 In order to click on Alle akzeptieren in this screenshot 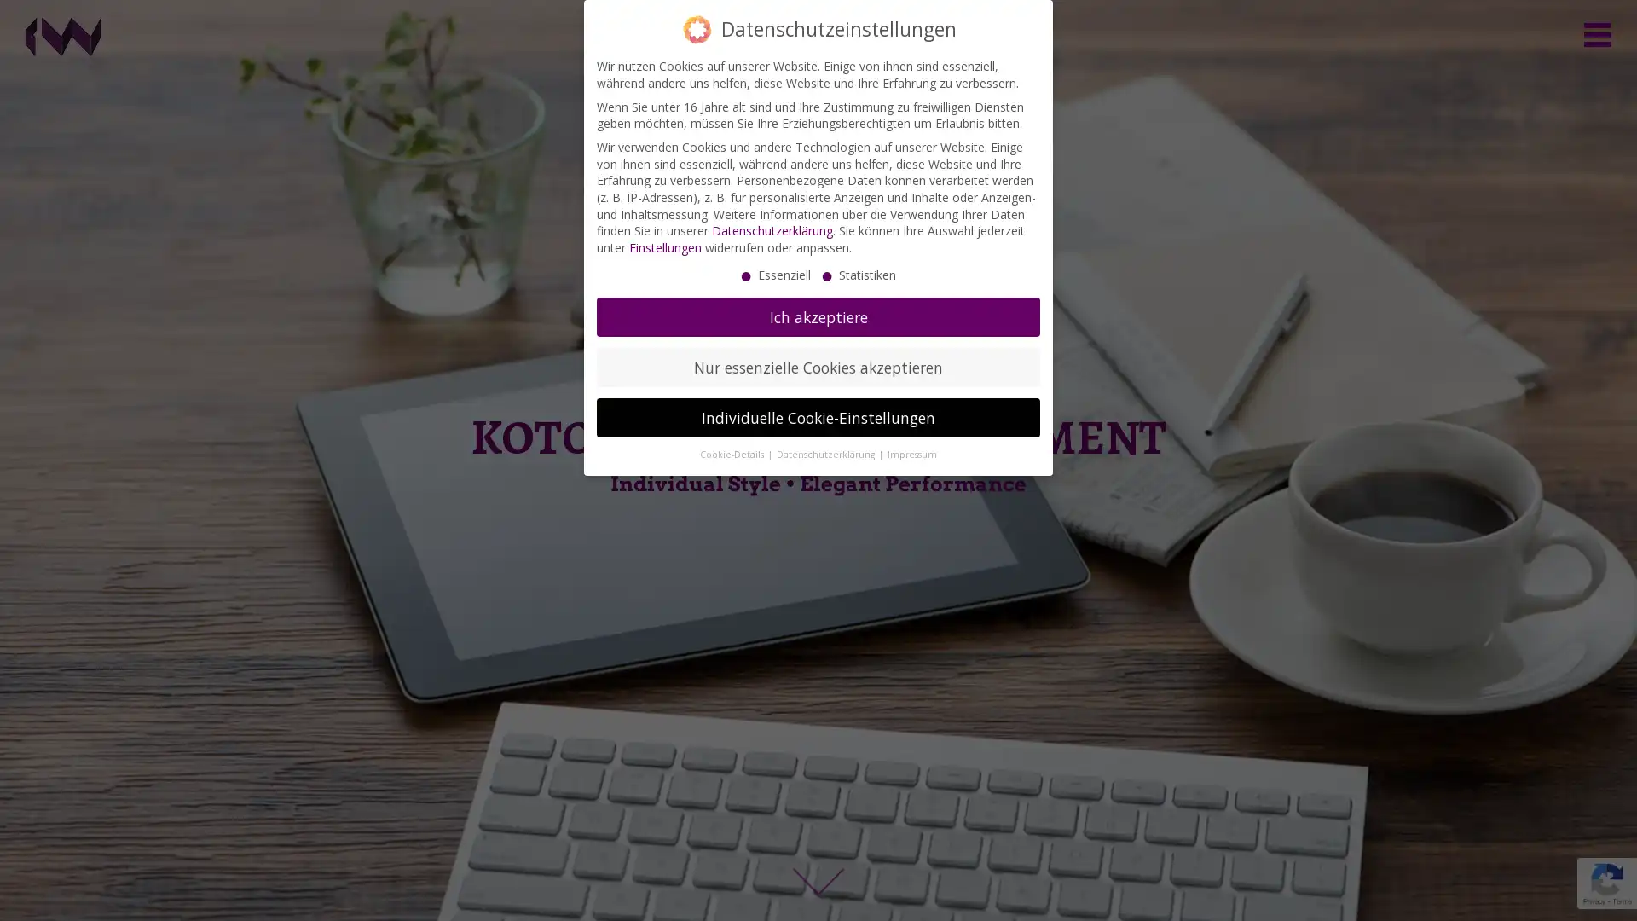, I will do `click(657, 727)`.